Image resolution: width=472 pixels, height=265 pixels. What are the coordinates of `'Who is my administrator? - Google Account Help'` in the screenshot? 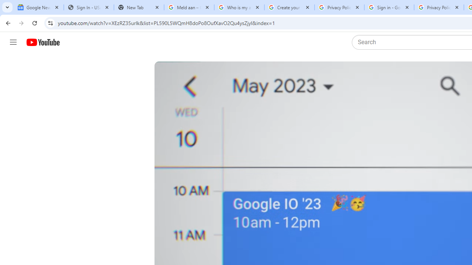 It's located at (239, 7).